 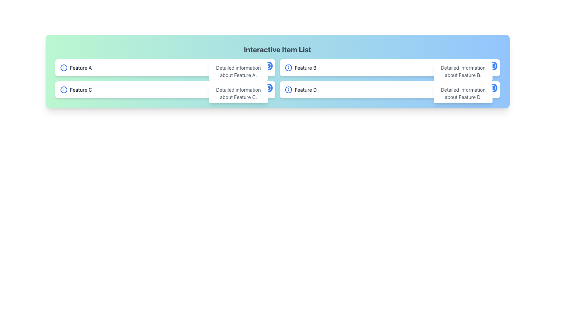 I want to click on the blue circular icon containing an 'info' symbol located to the left of the text 'Feature D', so click(x=288, y=90).